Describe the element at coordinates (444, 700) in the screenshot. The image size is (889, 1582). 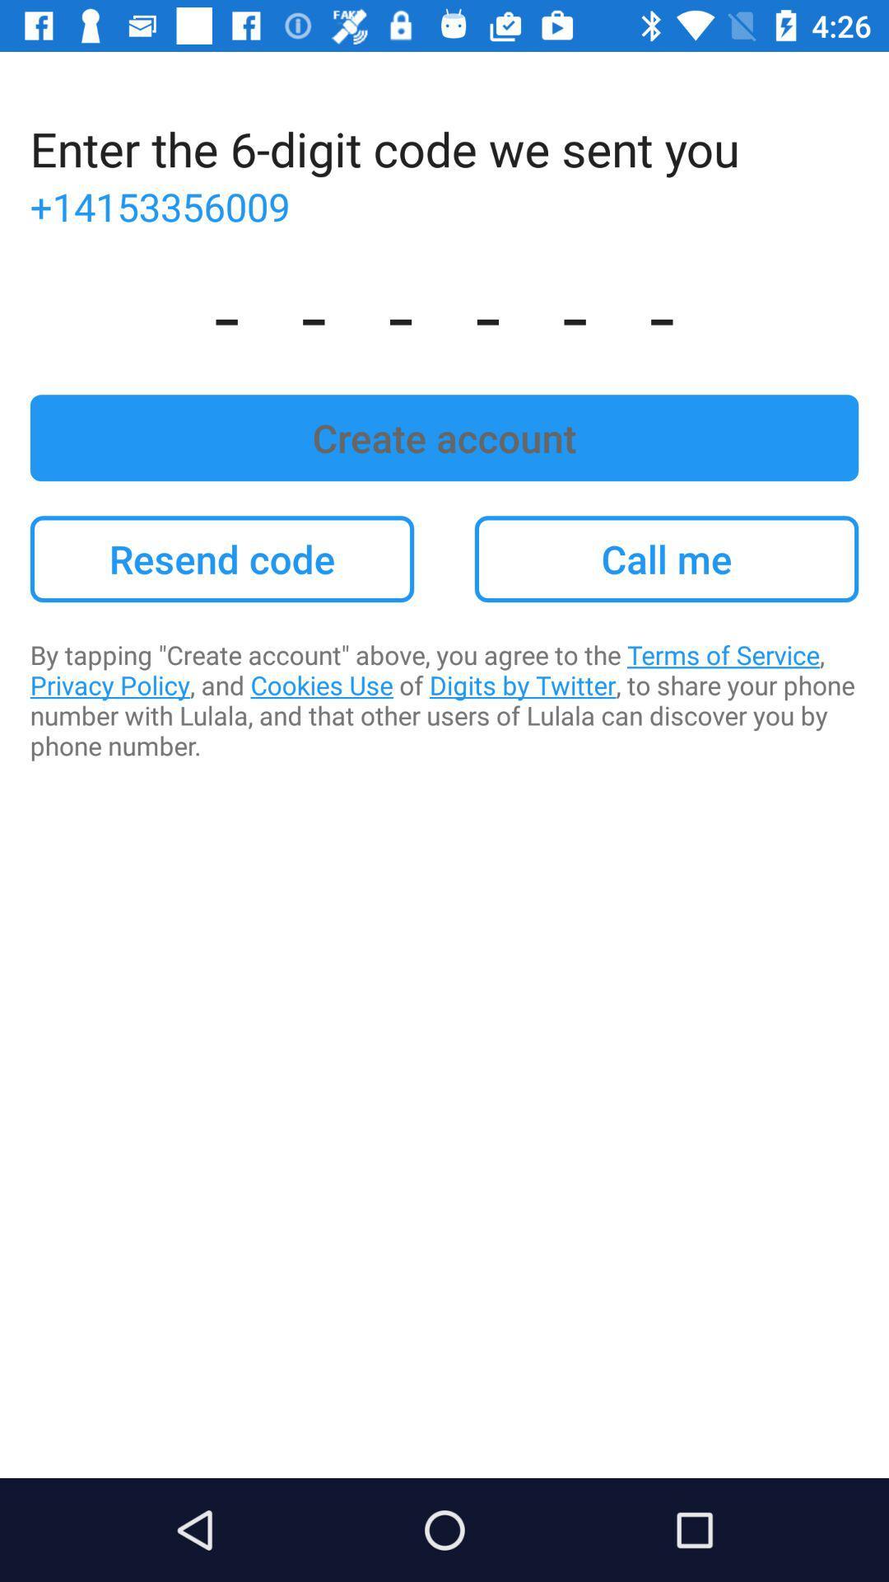
I see `app at the center` at that location.